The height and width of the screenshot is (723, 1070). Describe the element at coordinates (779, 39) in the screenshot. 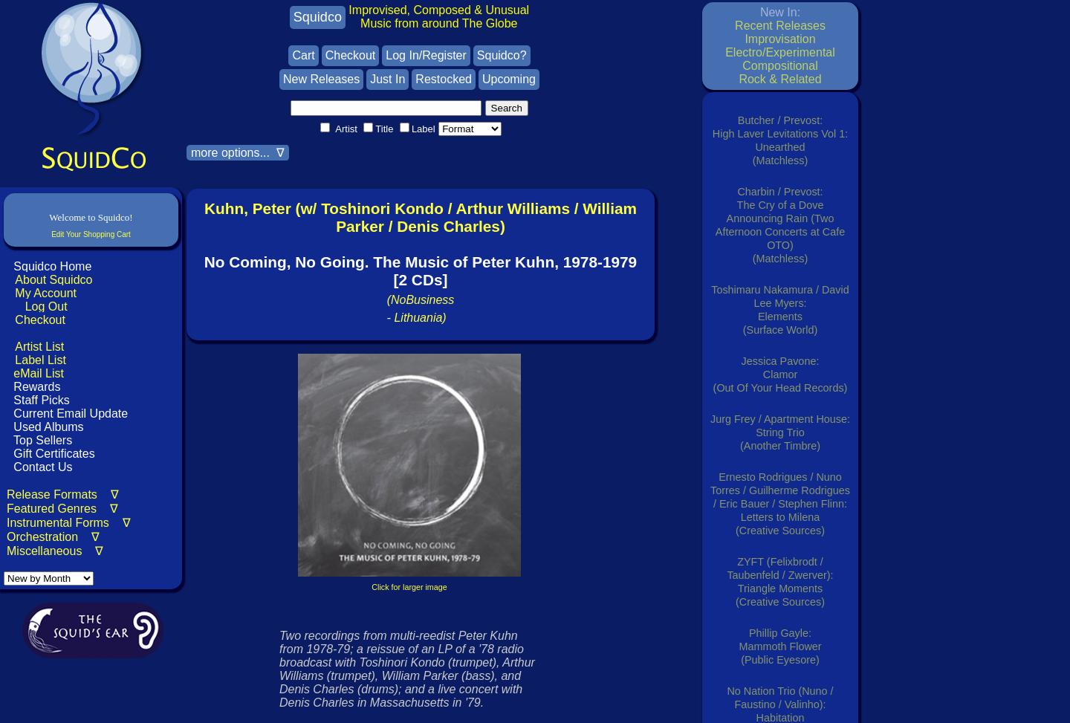

I see `'Improvisation'` at that location.